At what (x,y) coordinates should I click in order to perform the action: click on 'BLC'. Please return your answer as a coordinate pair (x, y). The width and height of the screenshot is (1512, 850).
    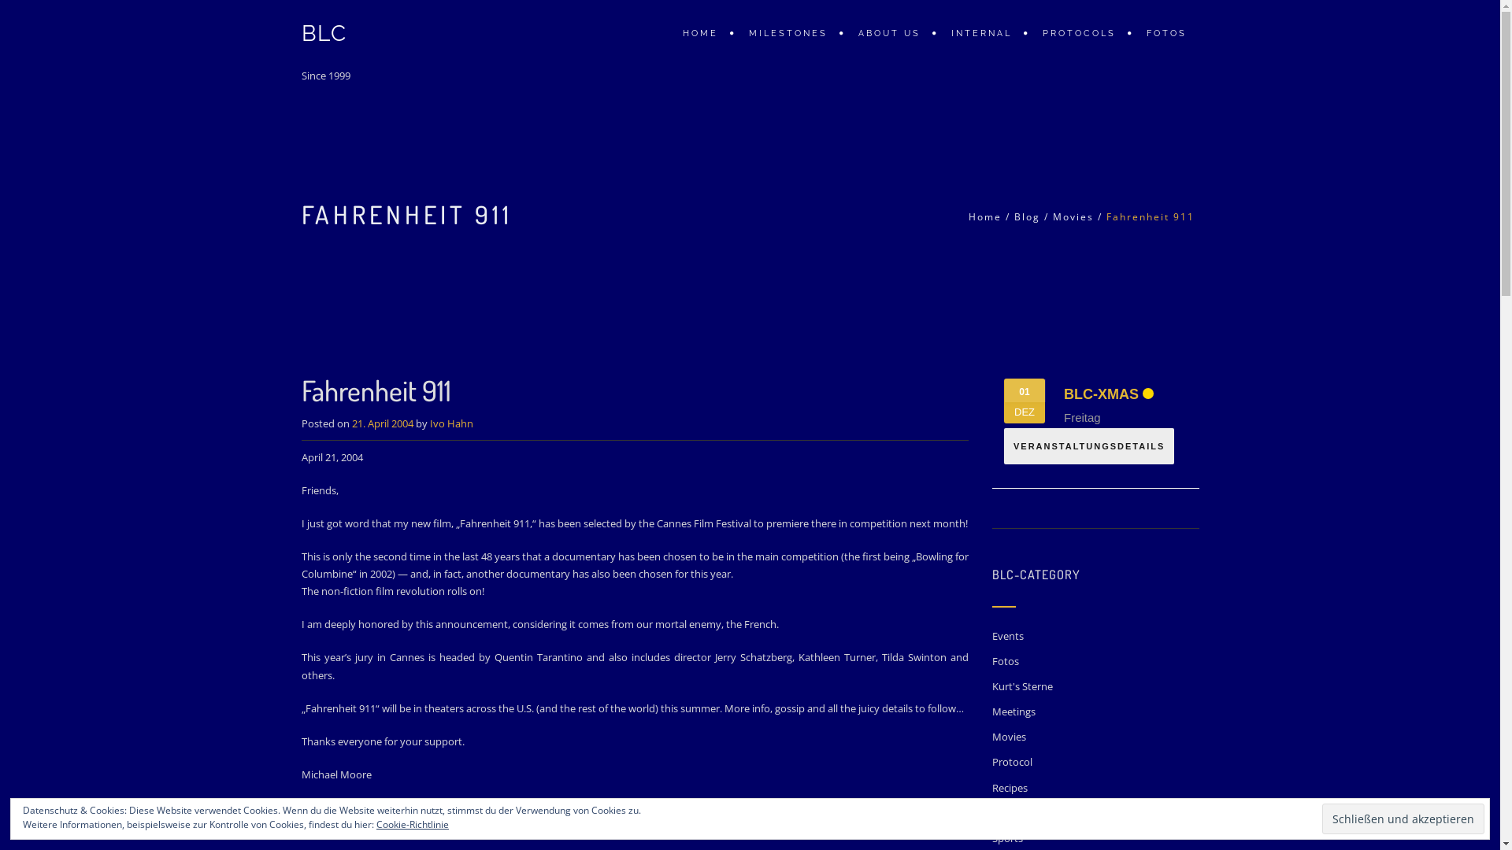
    Looking at the image, I should click on (323, 33).